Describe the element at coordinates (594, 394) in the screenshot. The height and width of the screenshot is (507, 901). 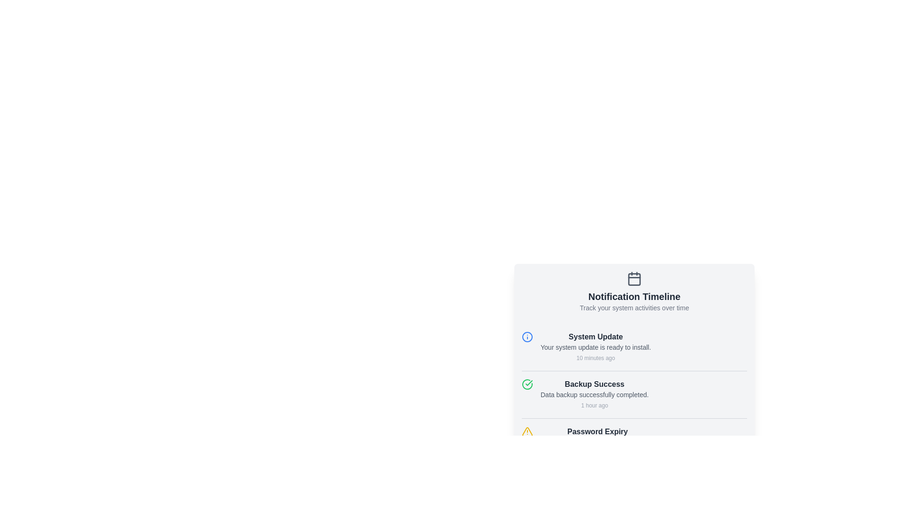
I see `or take note of the notification details from the notification card indicating a successful backup operation, which is centrally aligned within the notification panel` at that location.